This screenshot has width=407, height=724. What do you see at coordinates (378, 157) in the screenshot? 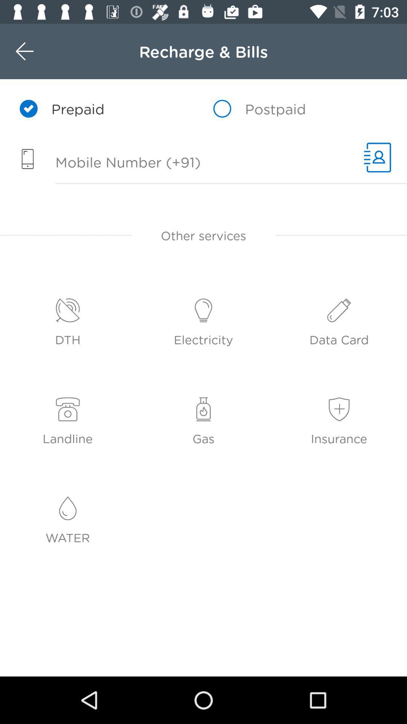
I see `the phone book icon` at bounding box center [378, 157].